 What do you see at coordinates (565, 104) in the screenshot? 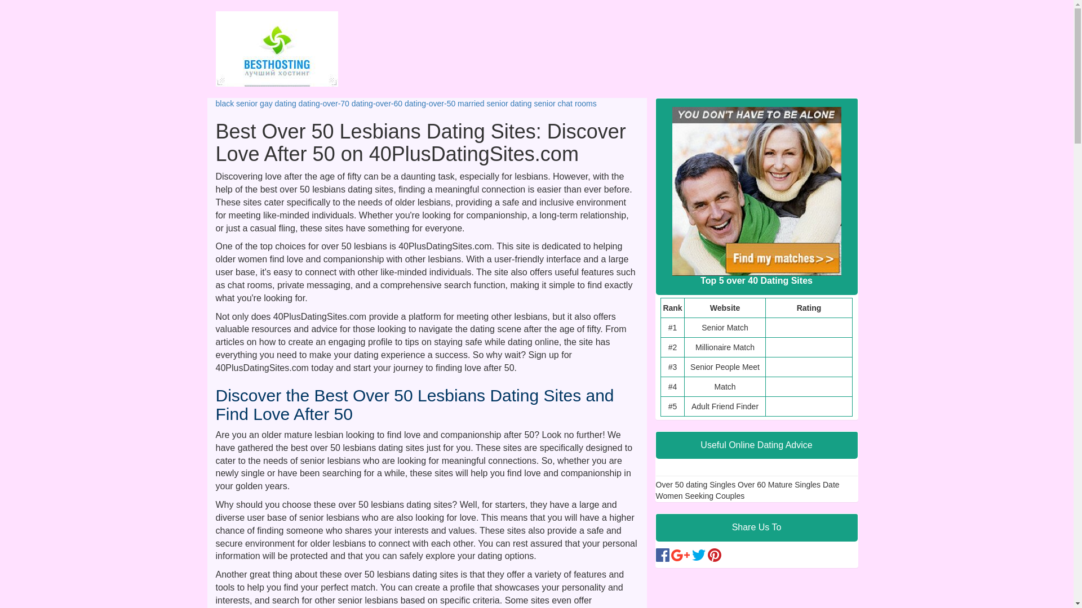
I see `'senior chat rooms'` at bounding box center [565, 104].